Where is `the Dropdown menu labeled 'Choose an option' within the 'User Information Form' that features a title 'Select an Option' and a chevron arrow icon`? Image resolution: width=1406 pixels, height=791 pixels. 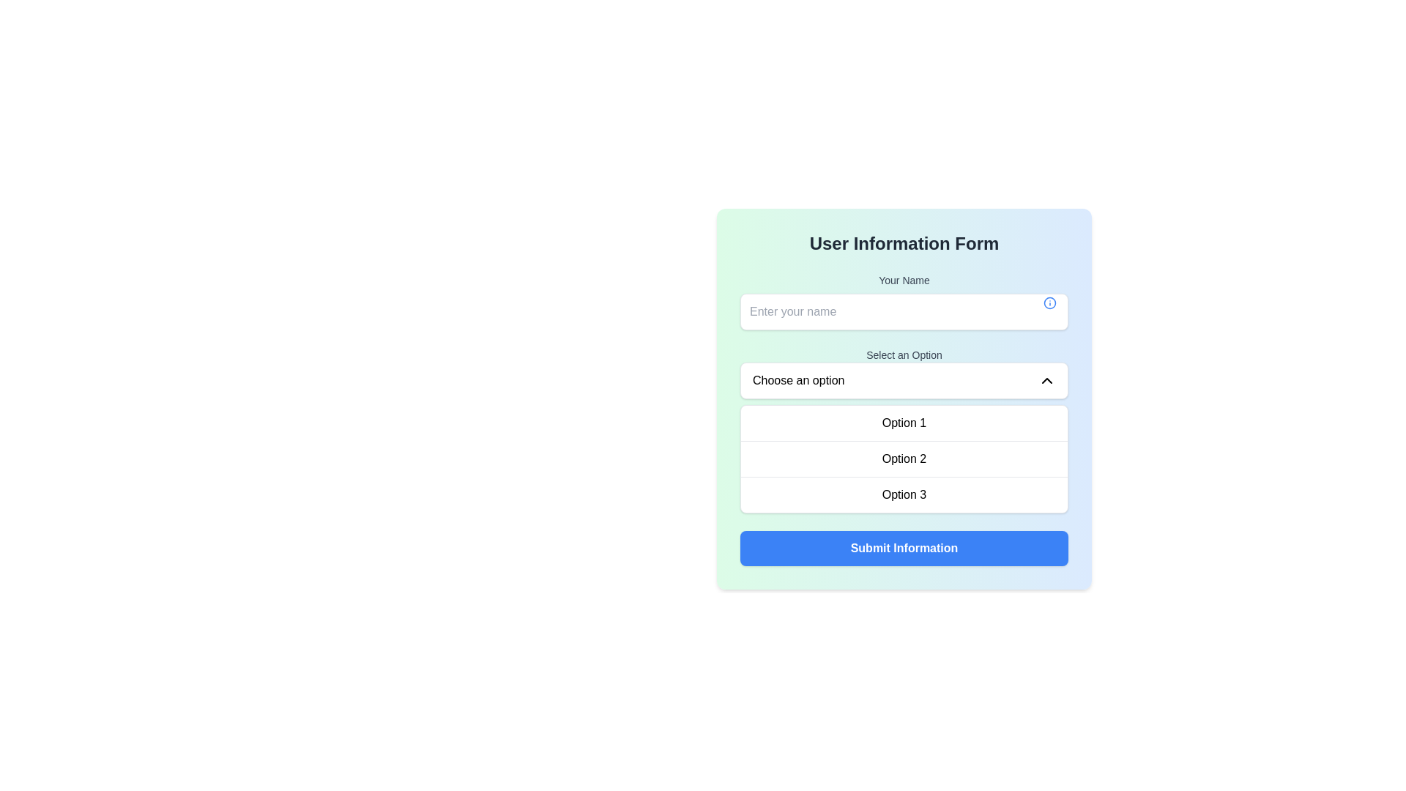 the Dropdown menu labeled 'Choose an option' within the 'User Information Form' that features a title 'Select an Option' and a chevron arrow icon is located at coordinates (903, 429).